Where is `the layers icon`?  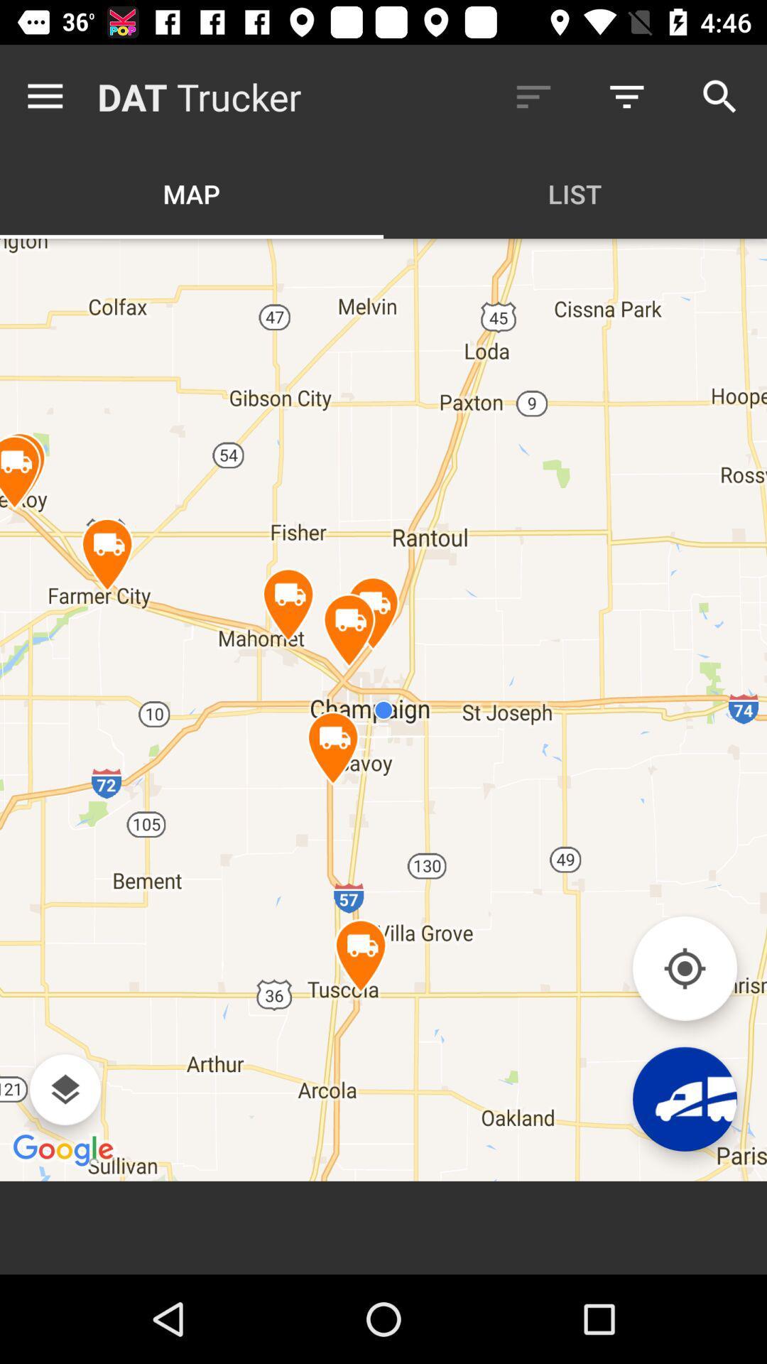
the layers icon is located at coordinates (65, 1089).